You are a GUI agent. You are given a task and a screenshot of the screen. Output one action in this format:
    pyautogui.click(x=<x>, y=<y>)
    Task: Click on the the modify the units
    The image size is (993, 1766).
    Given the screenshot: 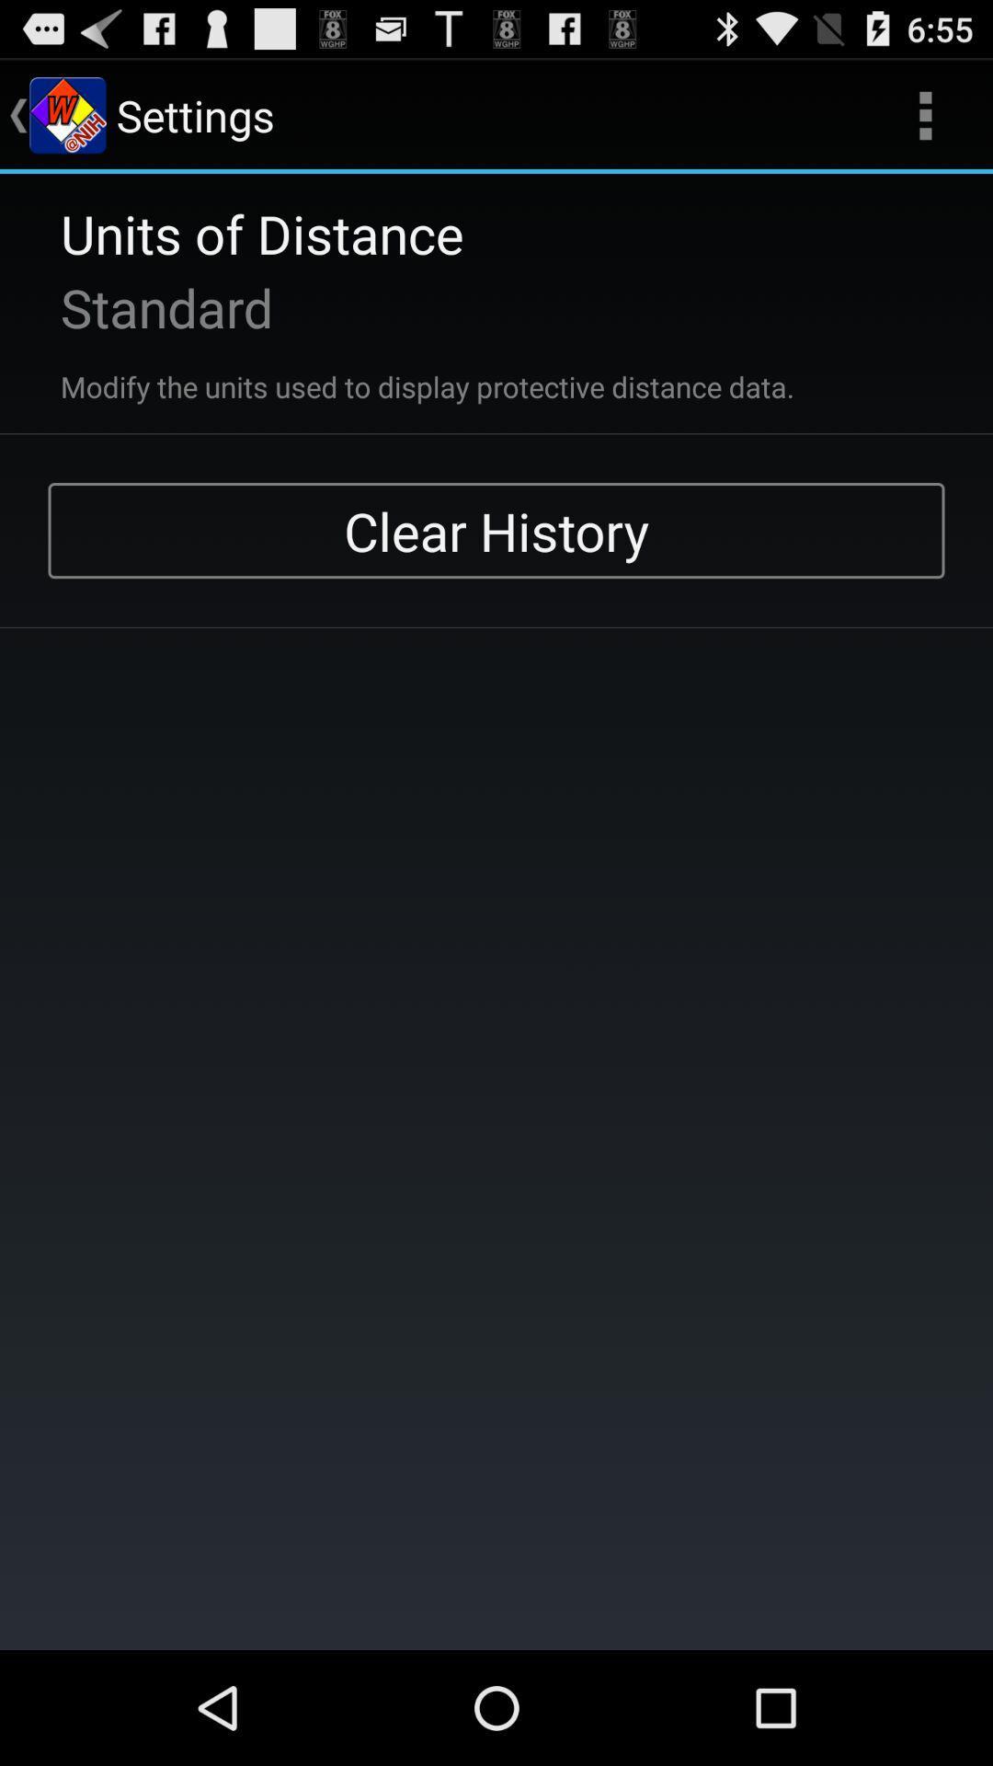 What is the action you would take?
    pyautogui.click(x=402, y=374)
    